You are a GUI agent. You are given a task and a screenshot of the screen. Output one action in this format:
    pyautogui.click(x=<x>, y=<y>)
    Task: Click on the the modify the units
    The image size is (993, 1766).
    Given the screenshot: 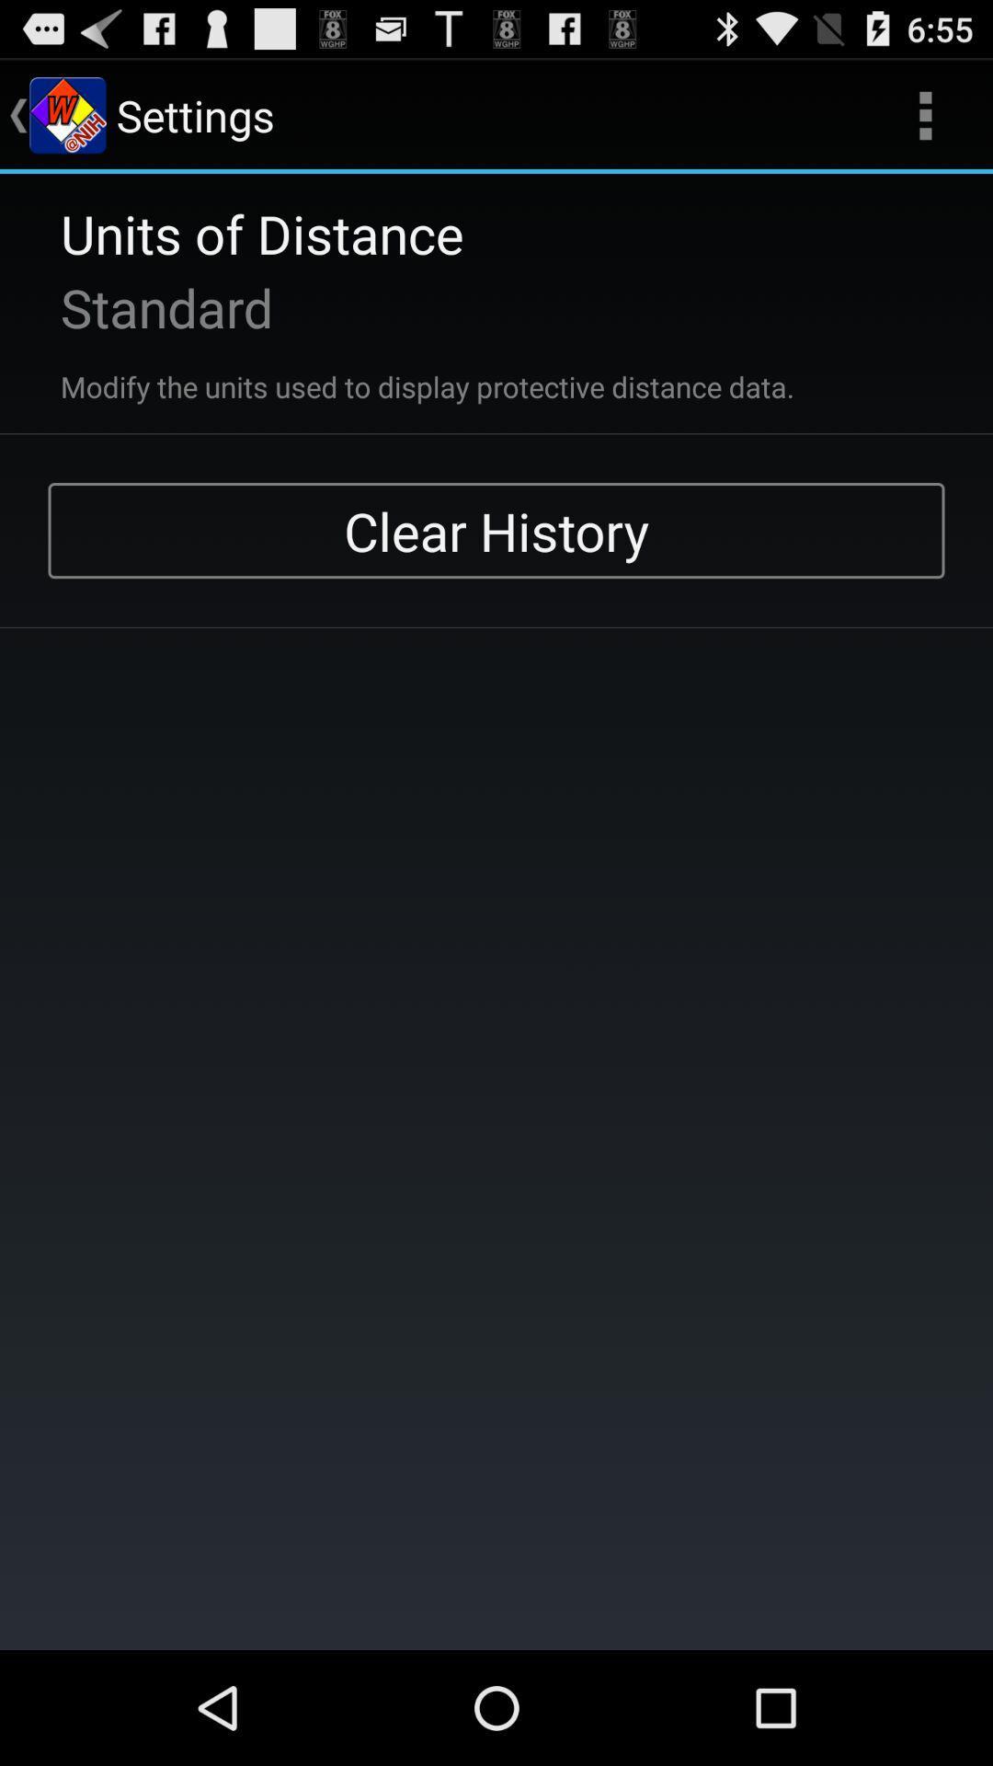 What is the action you would take?
    pyautogui.click(x=402, y=374)
    